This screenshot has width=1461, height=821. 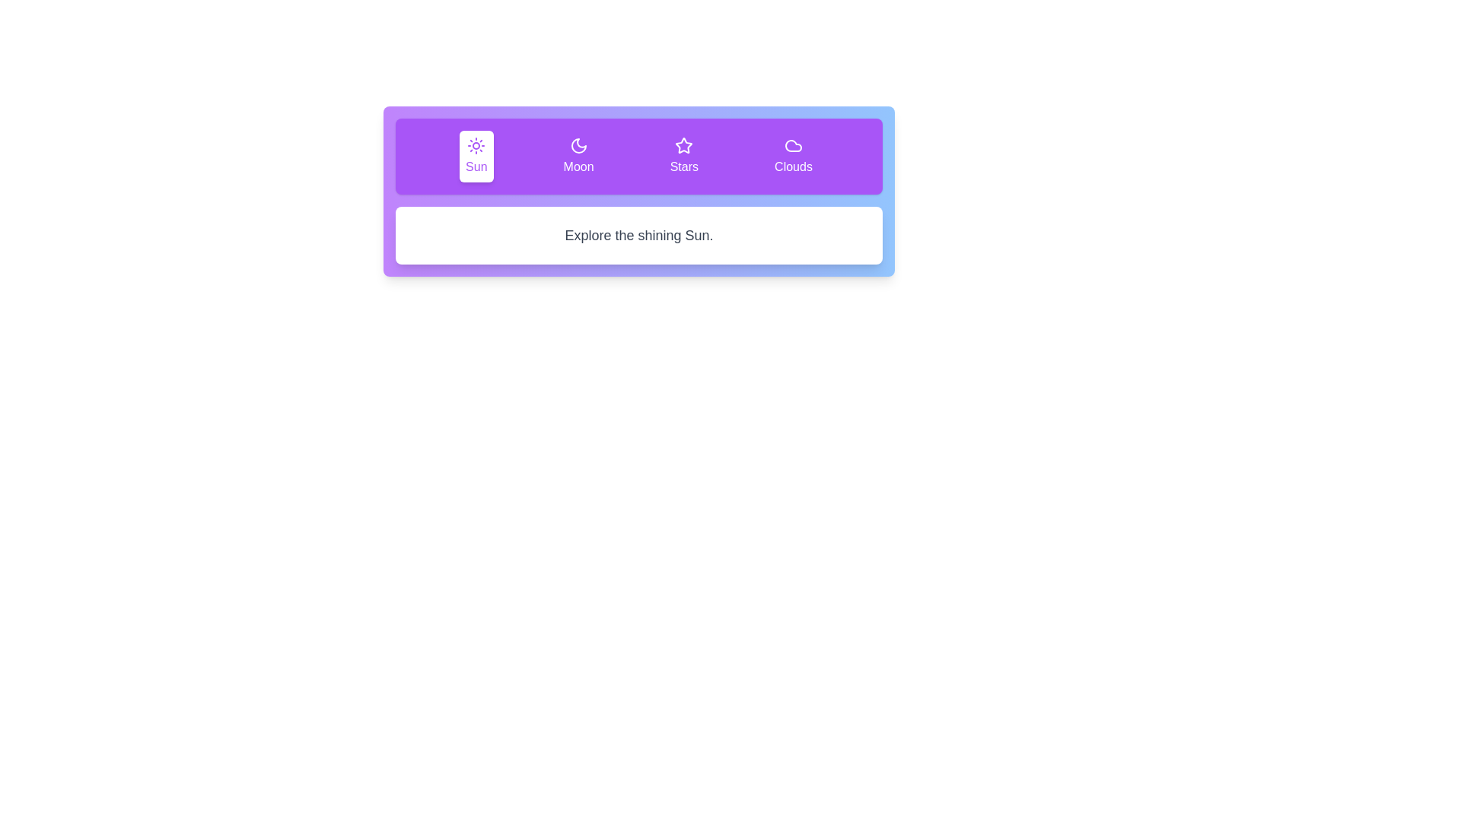 What do you see at coordinates (683, 166) in the screenshot?
I see `the descriptive label for the 'Stars' icon, which is positioned below the star symbol and is the third label from the left in a horizontal layout of items` at bounding box center [683, 166].